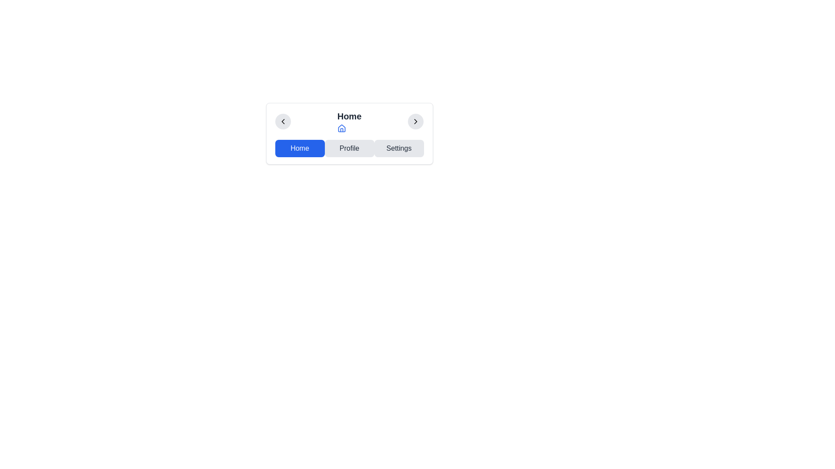 This screenshot has width=835, height=469. I want to click on the text label at the top-center of the navigation interface to associate it with its role as a label, so click(349, 116).